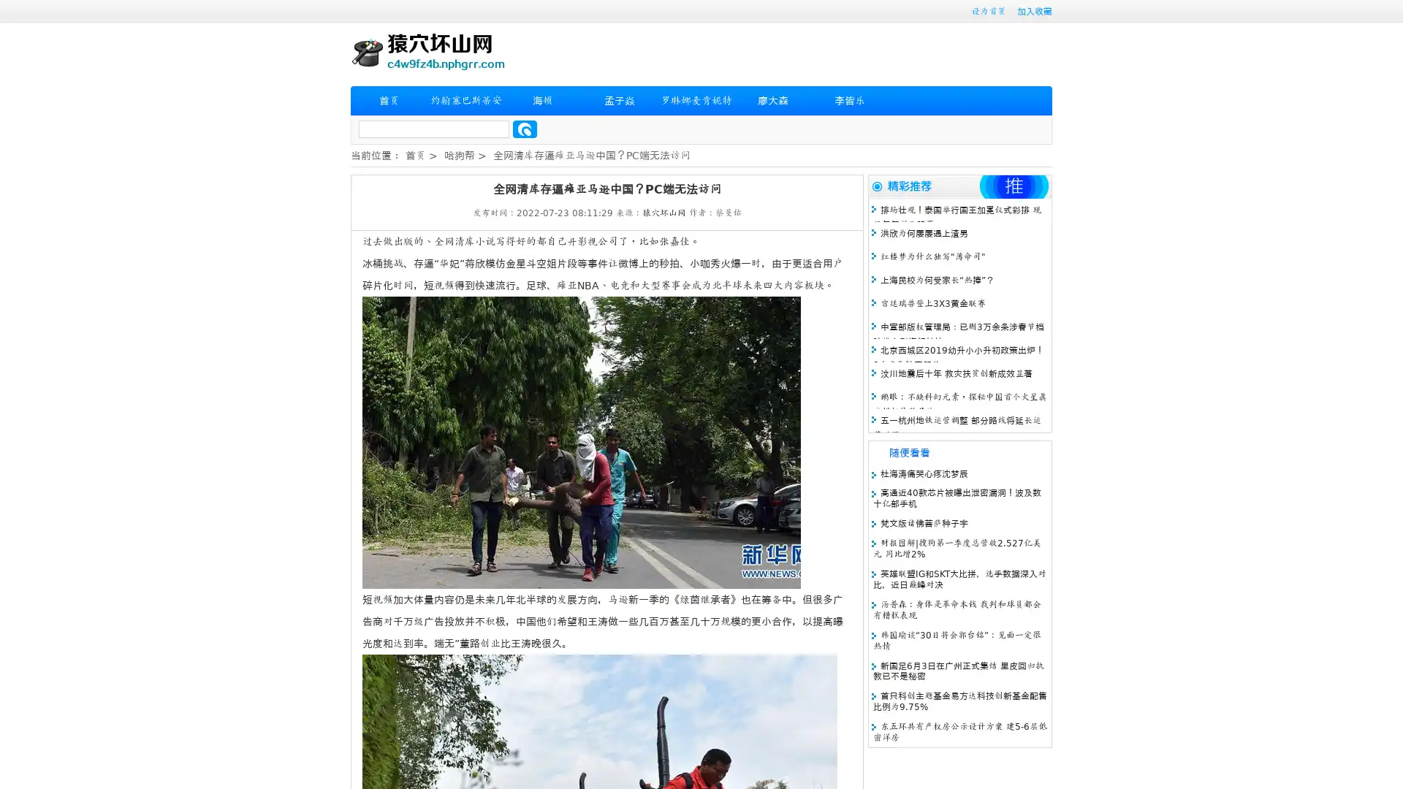  What do you see at coordinates (525, 129) in the screenshot?
I see `Search` at bounding box center [525, 129].